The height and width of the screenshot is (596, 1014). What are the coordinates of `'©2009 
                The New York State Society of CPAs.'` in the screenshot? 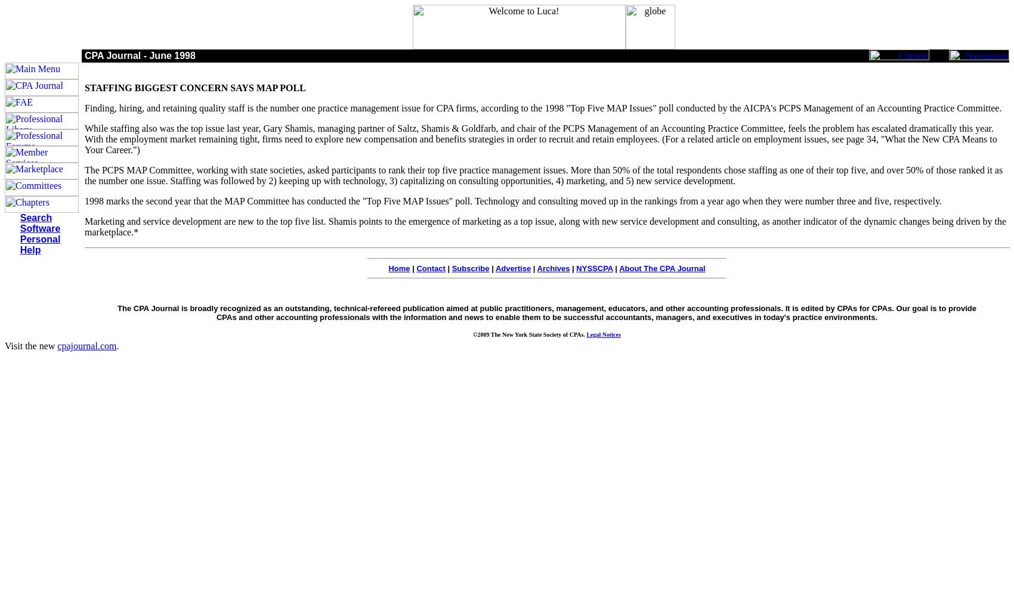 It's located at (472, 334).